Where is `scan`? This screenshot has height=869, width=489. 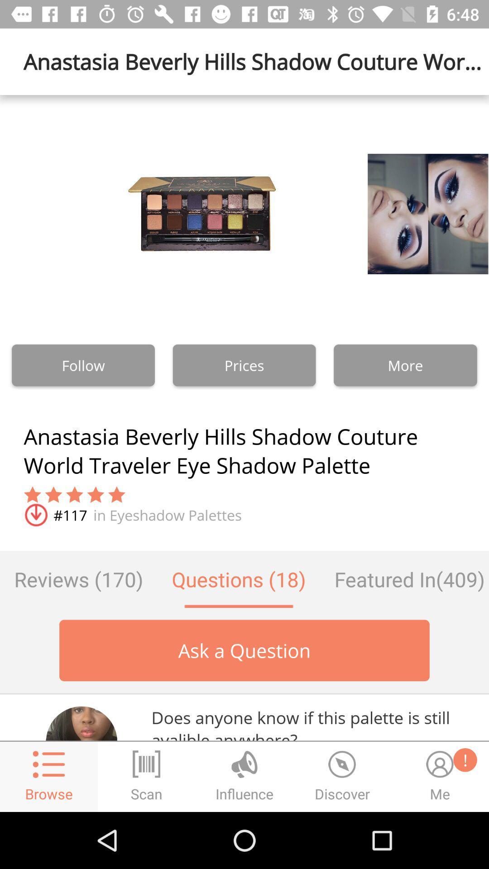
scan is located at coordinates (146, 777).